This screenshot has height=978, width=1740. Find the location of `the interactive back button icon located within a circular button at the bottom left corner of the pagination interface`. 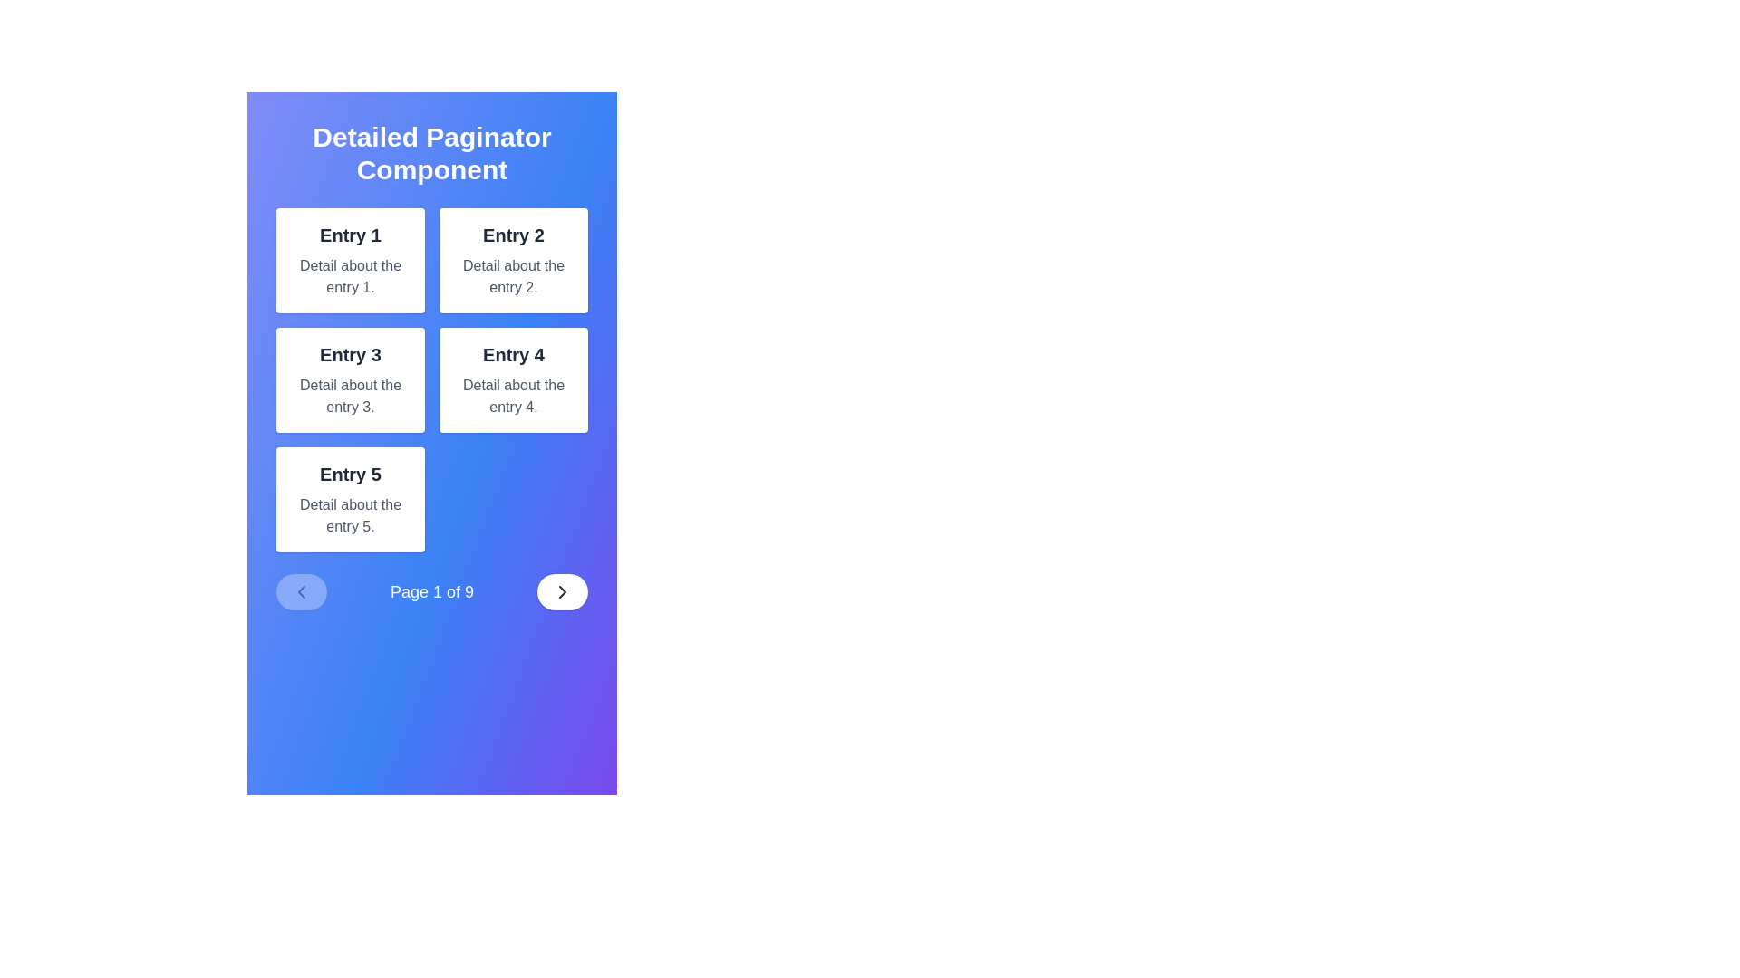

the interactive back button icon located within a circular button at the bottom left corner of the pagination interface is located at coordinates (301, 592).